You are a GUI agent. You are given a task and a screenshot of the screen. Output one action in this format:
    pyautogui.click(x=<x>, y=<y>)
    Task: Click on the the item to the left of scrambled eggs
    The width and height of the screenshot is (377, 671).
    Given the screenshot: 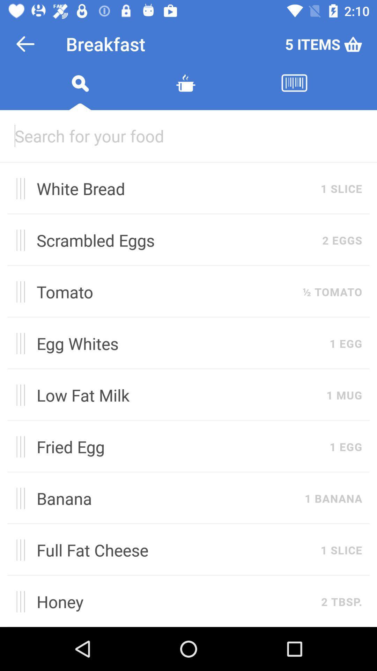 What is the action you would take?
    pyautogui.click(x=18, y=240)
    